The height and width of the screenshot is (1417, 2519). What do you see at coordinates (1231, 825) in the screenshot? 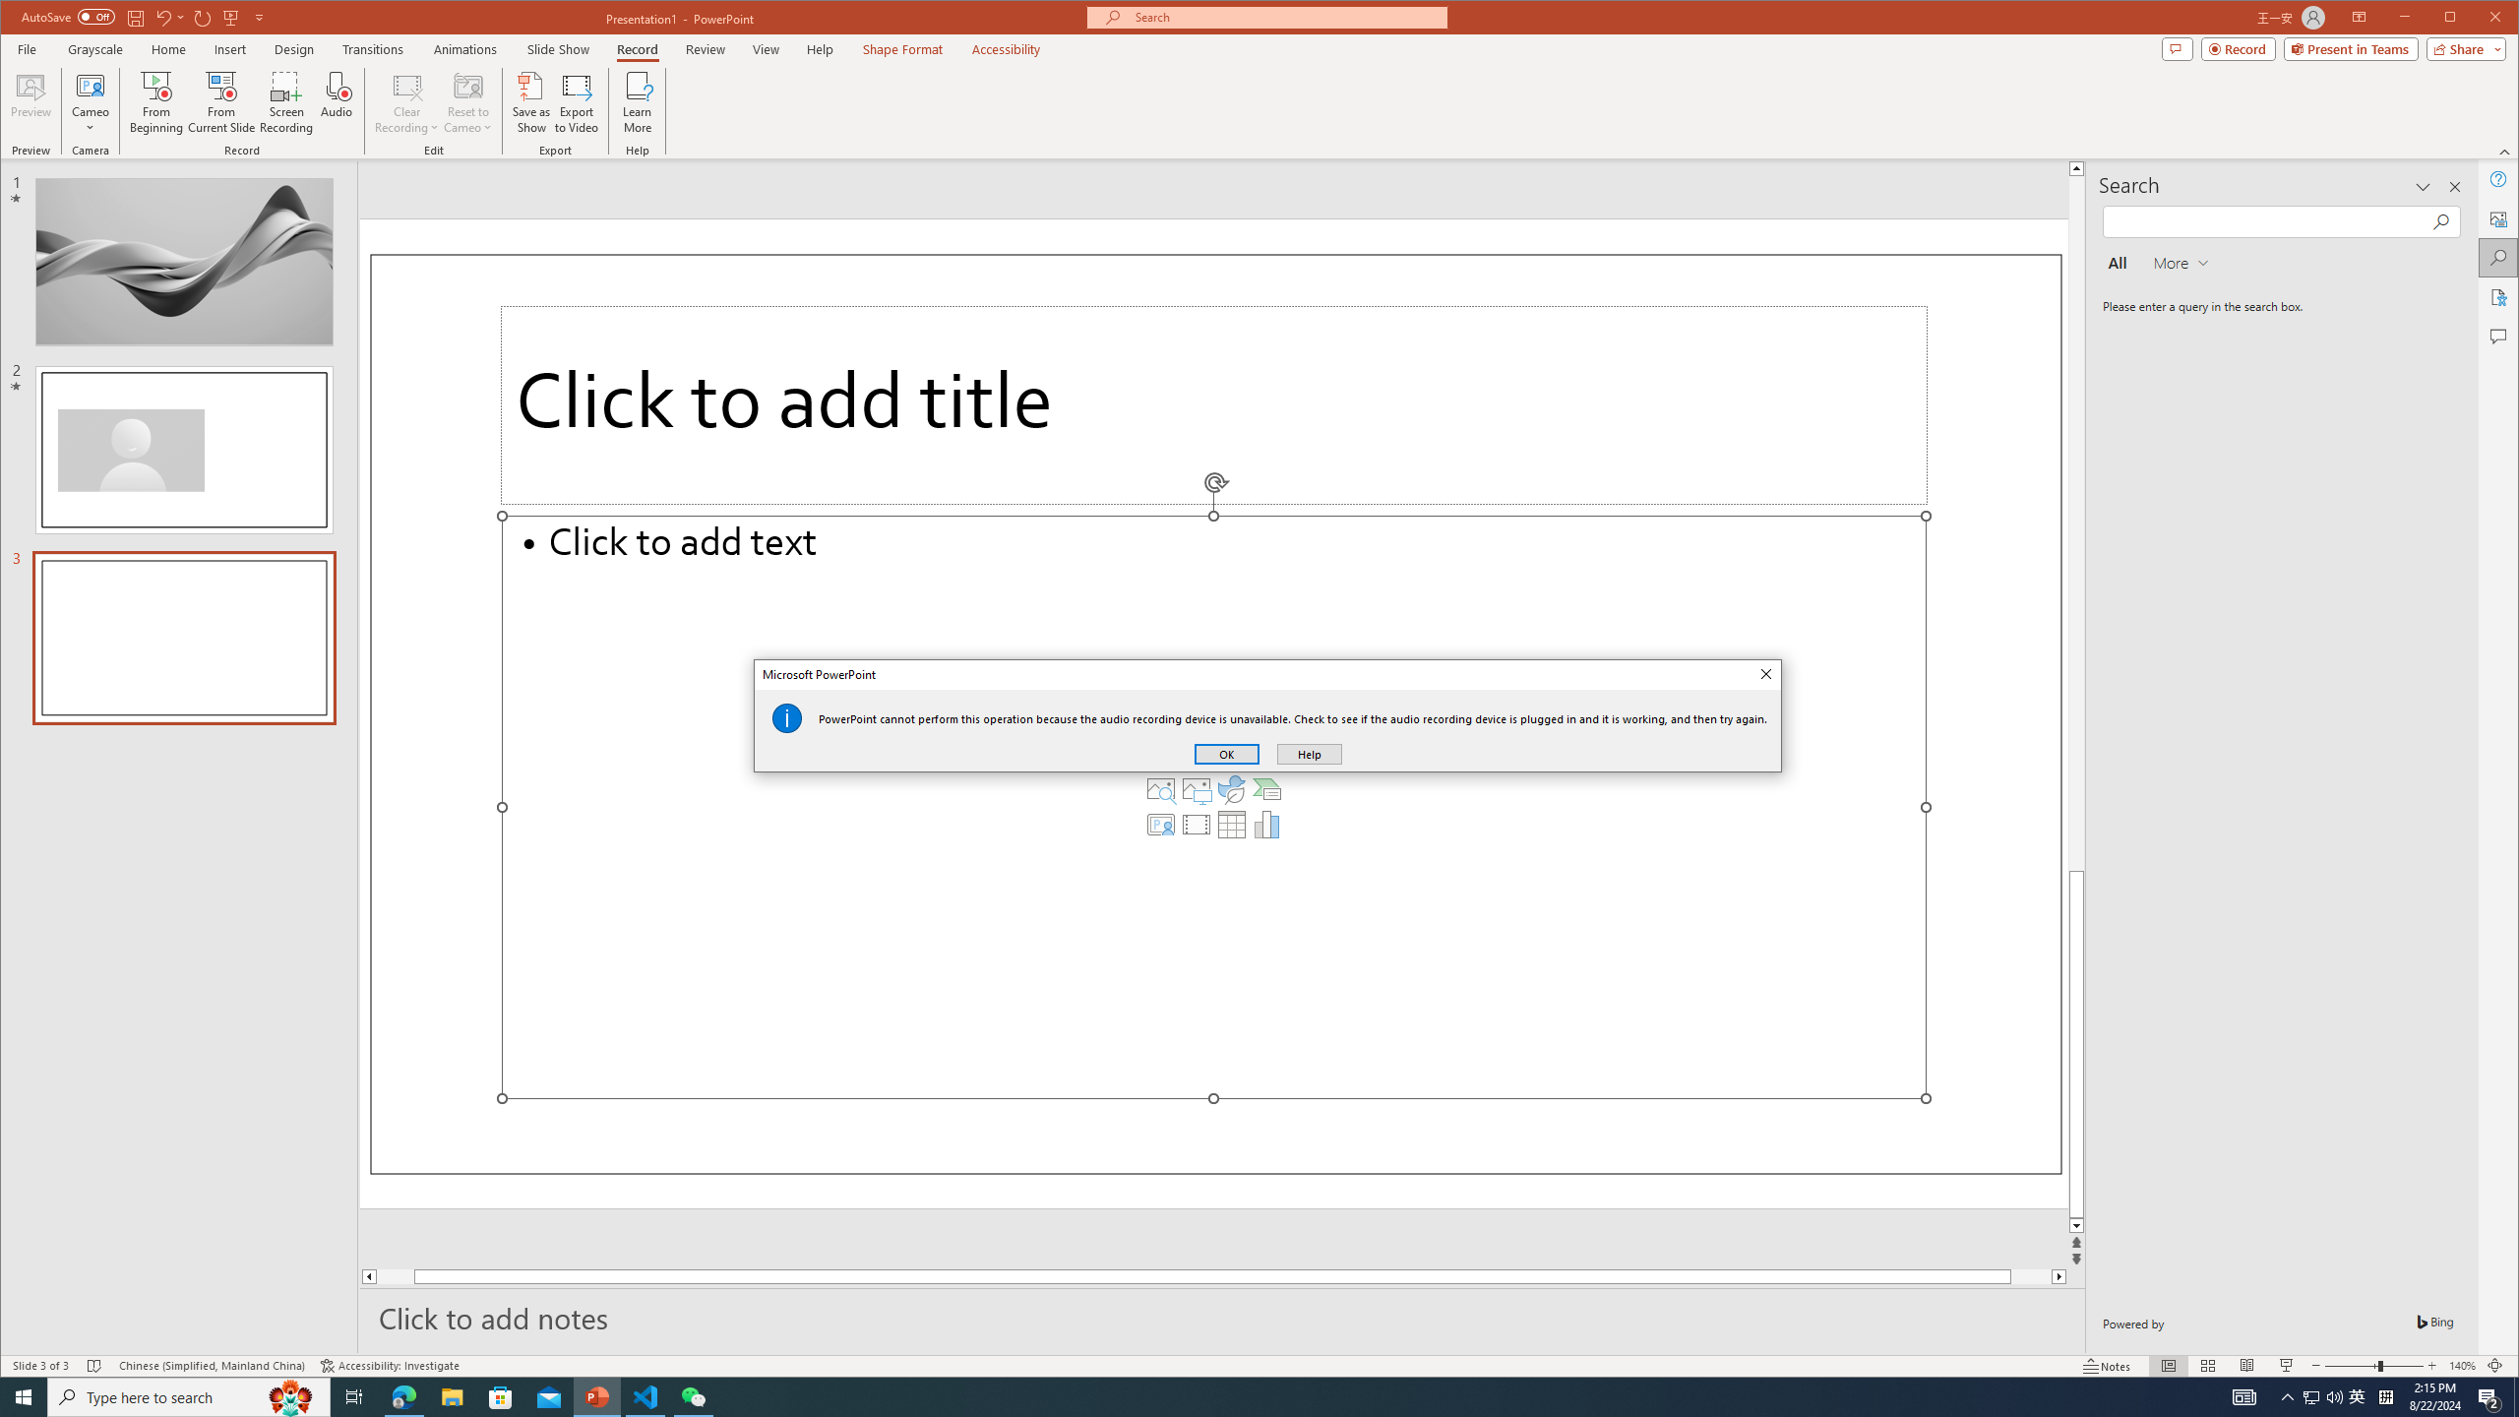
I see `'Insert Table'` at bounding box center [1231, 825].